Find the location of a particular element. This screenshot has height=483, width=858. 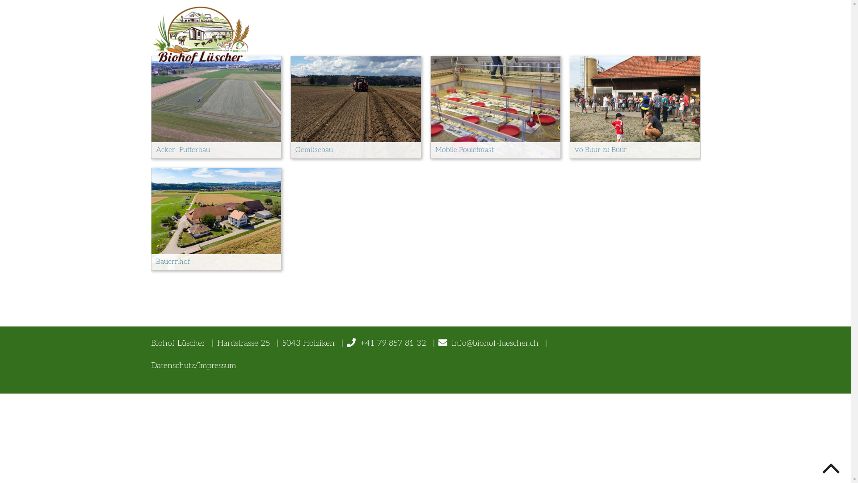

'+41 79 857 81 32' is located at coordinates (360, 343).